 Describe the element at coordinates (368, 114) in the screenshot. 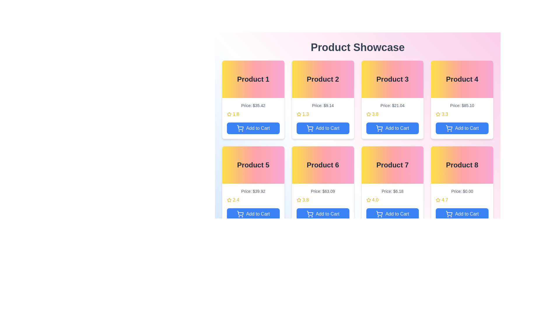

I see `the star icon in the rating section of 'Product 3'` at that location.